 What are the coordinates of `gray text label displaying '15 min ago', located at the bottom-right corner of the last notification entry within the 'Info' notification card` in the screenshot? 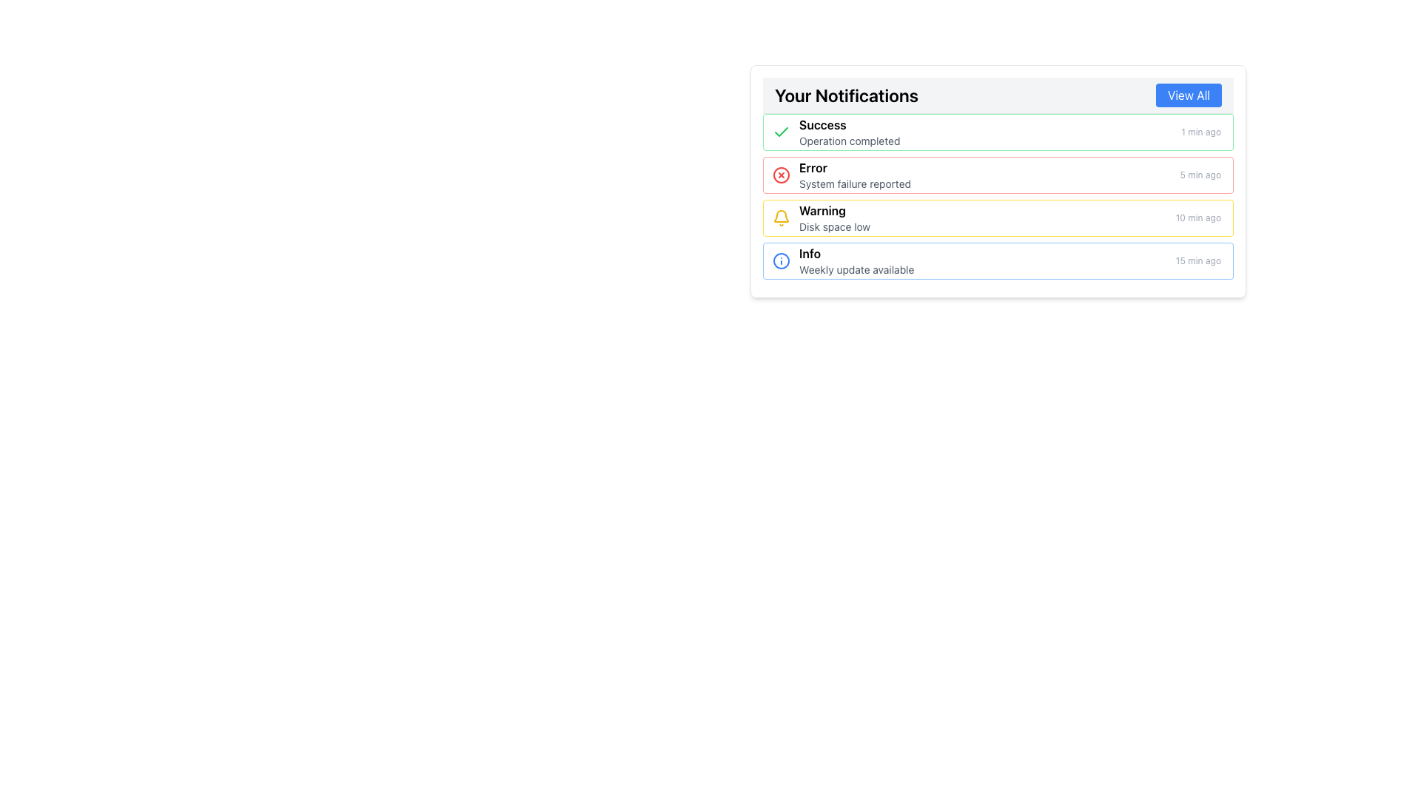 It's located at (1198, 260).